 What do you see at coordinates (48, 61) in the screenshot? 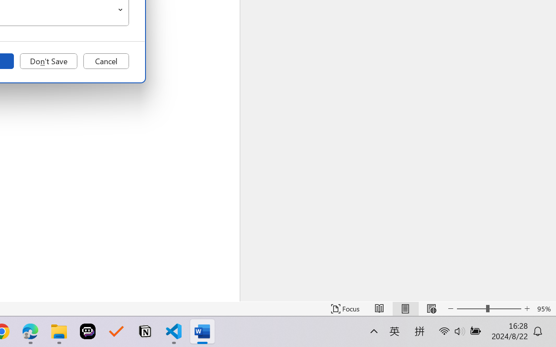
I see `'Don'` at bounding box center [48, 61].